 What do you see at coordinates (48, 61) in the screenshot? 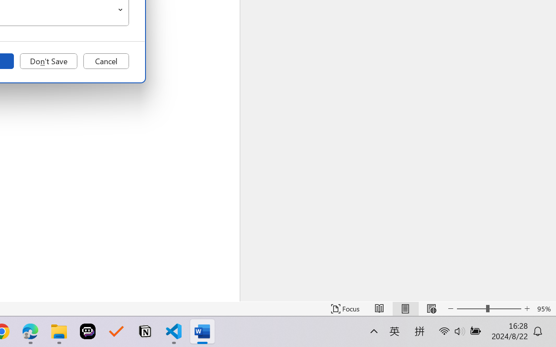
I see `'Don'` at bounding box center [48, 61].